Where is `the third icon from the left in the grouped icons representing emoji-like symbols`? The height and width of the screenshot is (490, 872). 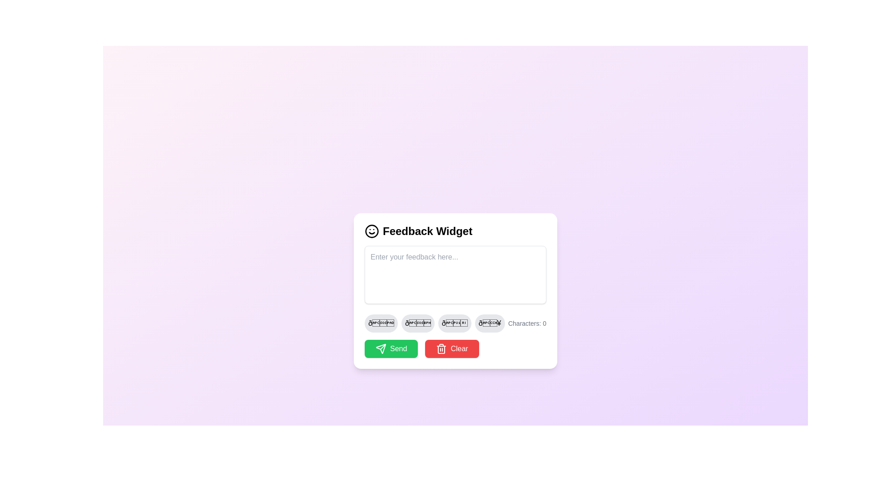
the third icon from the left in the grouped icons representing emoji-like symbols is located at coordinates (456, 323).